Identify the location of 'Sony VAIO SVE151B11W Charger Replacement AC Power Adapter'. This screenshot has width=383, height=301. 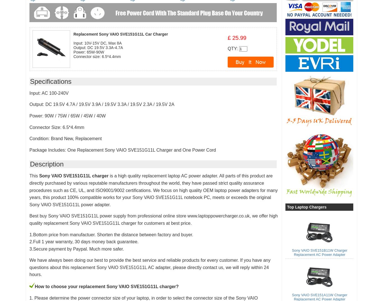
(319, 252).